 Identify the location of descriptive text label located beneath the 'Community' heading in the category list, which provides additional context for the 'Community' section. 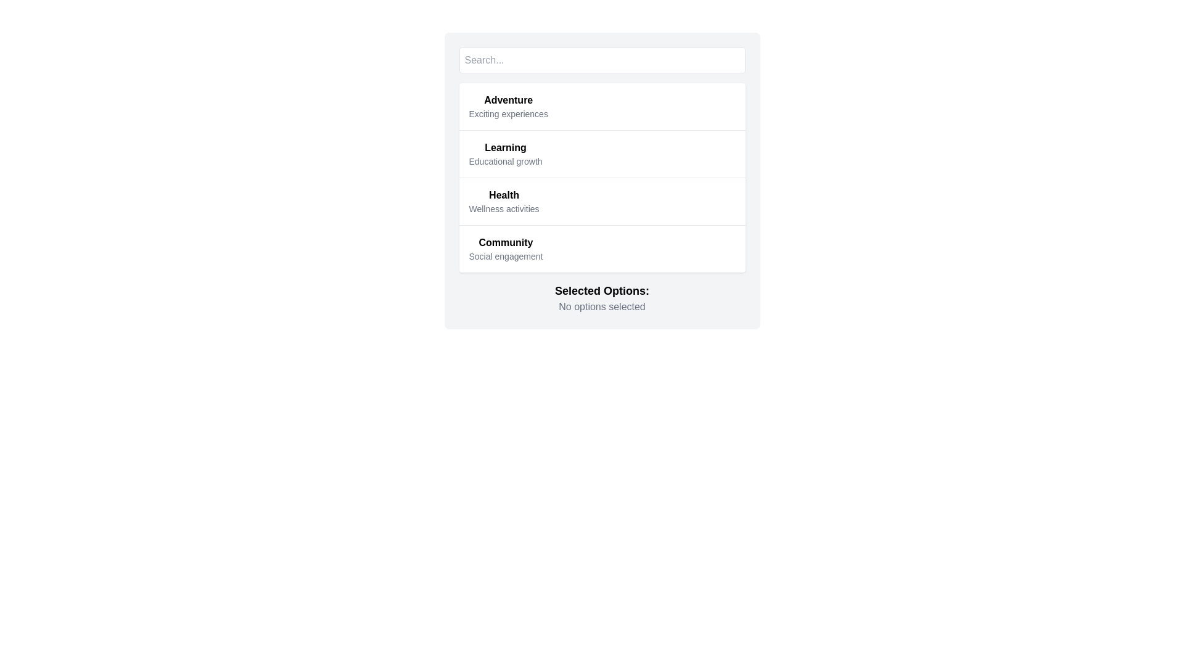
(506, 256).